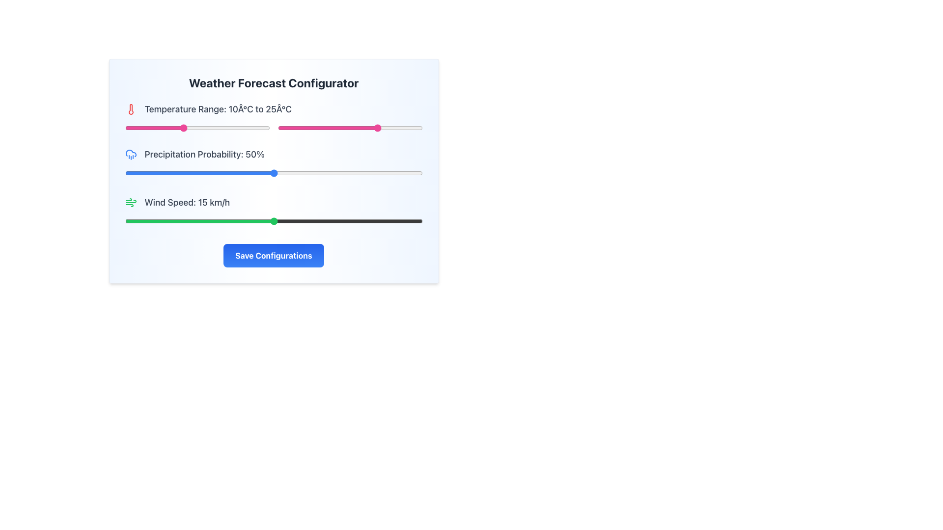 The image size is (943, 530). What do you see at coordinates (154, 221) in the screenshot?
I see `wind speed` at bounding box center [154, 221].